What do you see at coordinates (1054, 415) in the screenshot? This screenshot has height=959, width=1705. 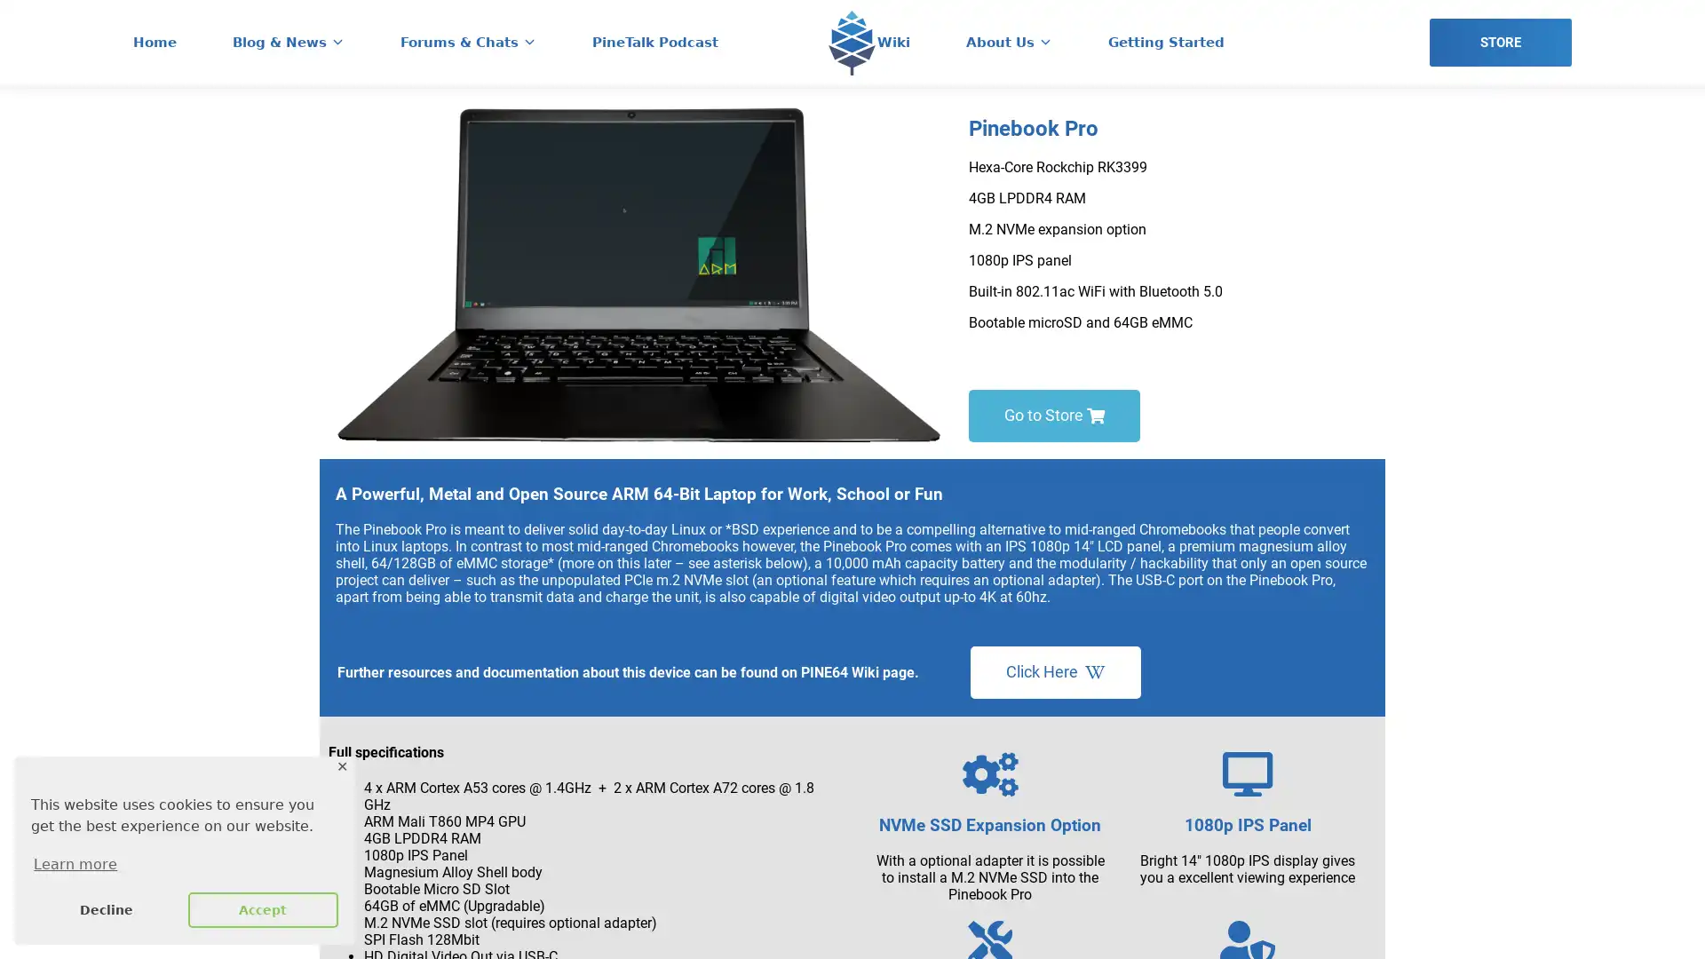 I see `Go to Store` at bounding box center [1054, 415].